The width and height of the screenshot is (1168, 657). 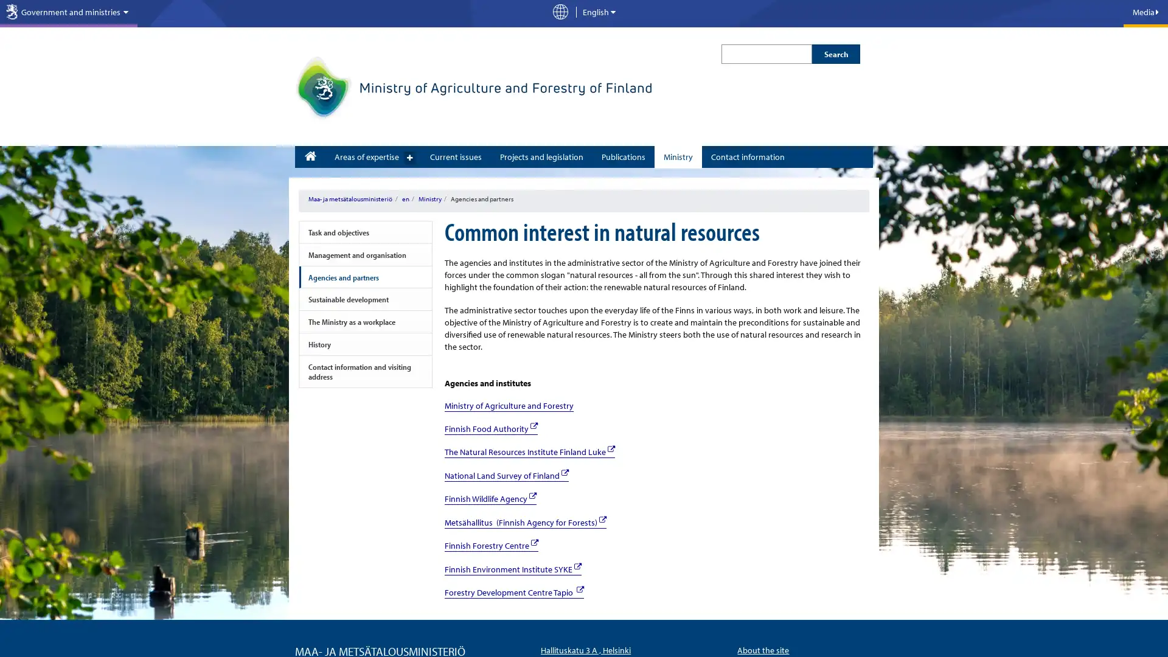 I want to click on I accept all cookies, so click(x=502, y=628).